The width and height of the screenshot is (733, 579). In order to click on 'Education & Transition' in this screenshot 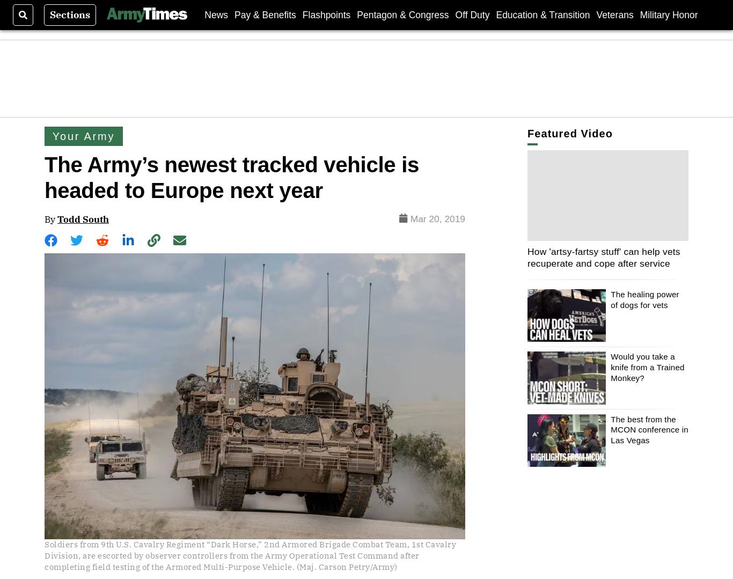, I will do `click(543, 14)`.